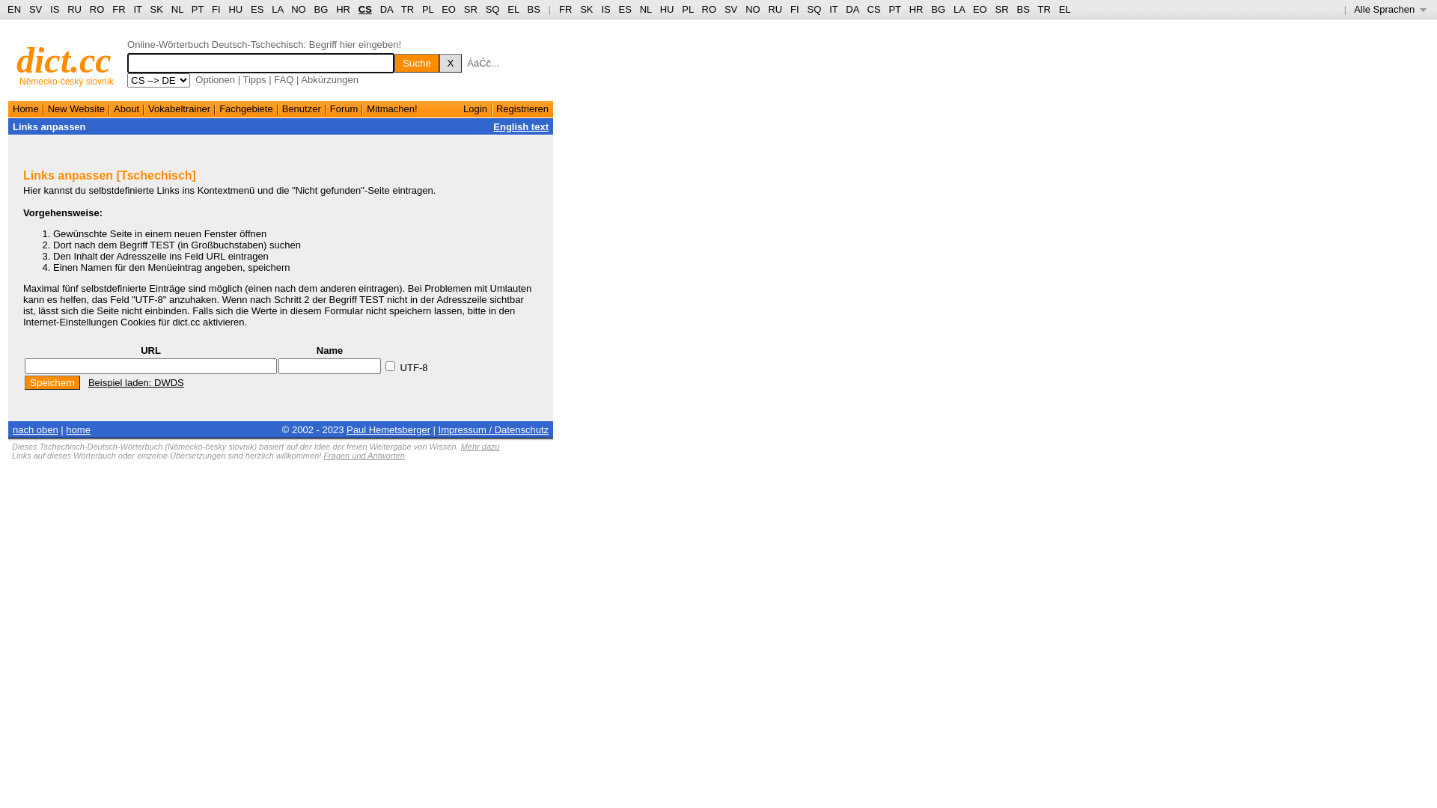  What do you see at coordinates (197, 9) in the screenshot?
I see `'PT'` at bounding box center [197, 9].